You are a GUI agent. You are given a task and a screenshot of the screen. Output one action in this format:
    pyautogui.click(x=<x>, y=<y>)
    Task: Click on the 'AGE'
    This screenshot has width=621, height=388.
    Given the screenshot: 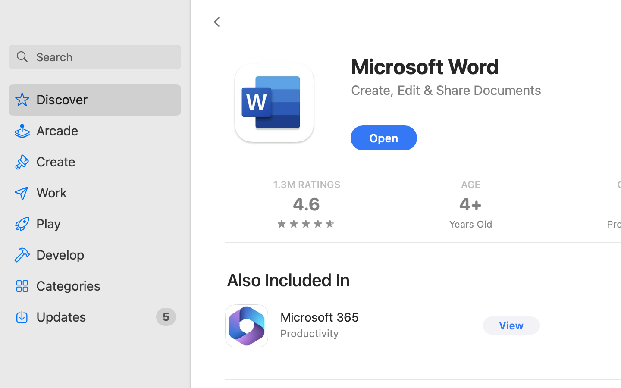 What is the action you would take?
    pyautogui.click(x=470, y=185)
    